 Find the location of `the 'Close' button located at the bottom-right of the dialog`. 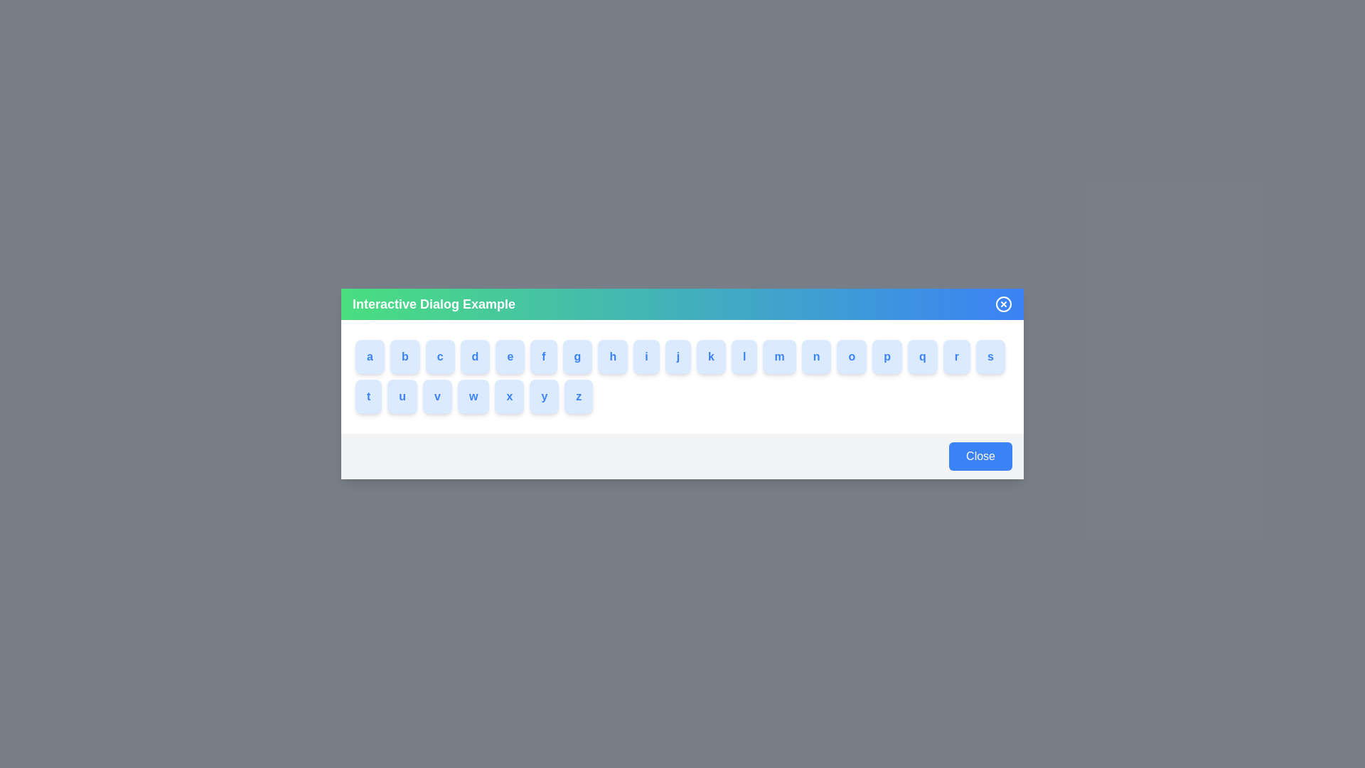

the 'Close' button located at the bottom-right of the dialog is located at coordinates (980, 456).